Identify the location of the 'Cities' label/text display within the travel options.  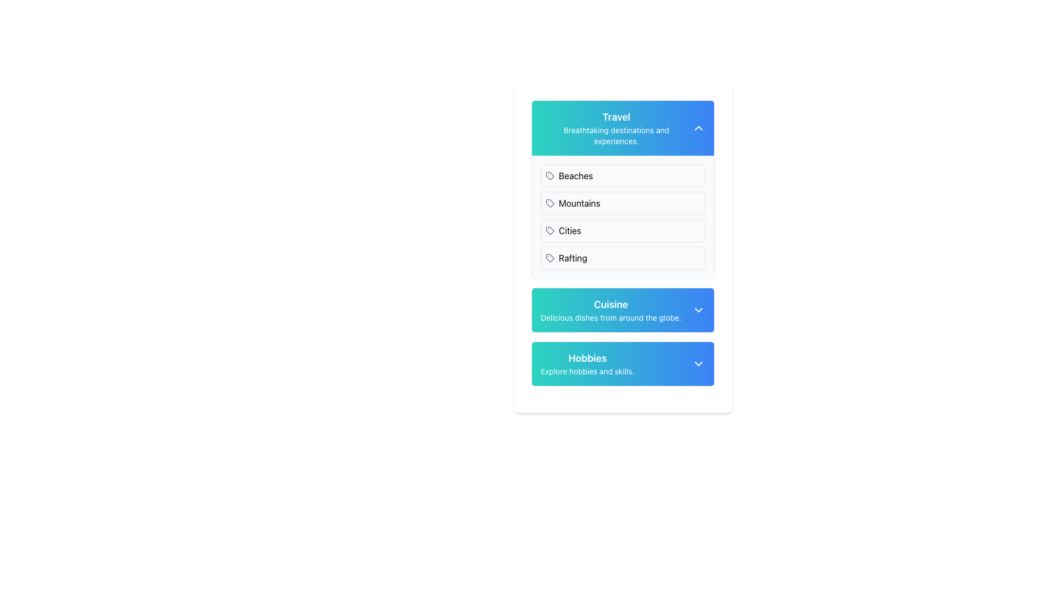
(570, 230).